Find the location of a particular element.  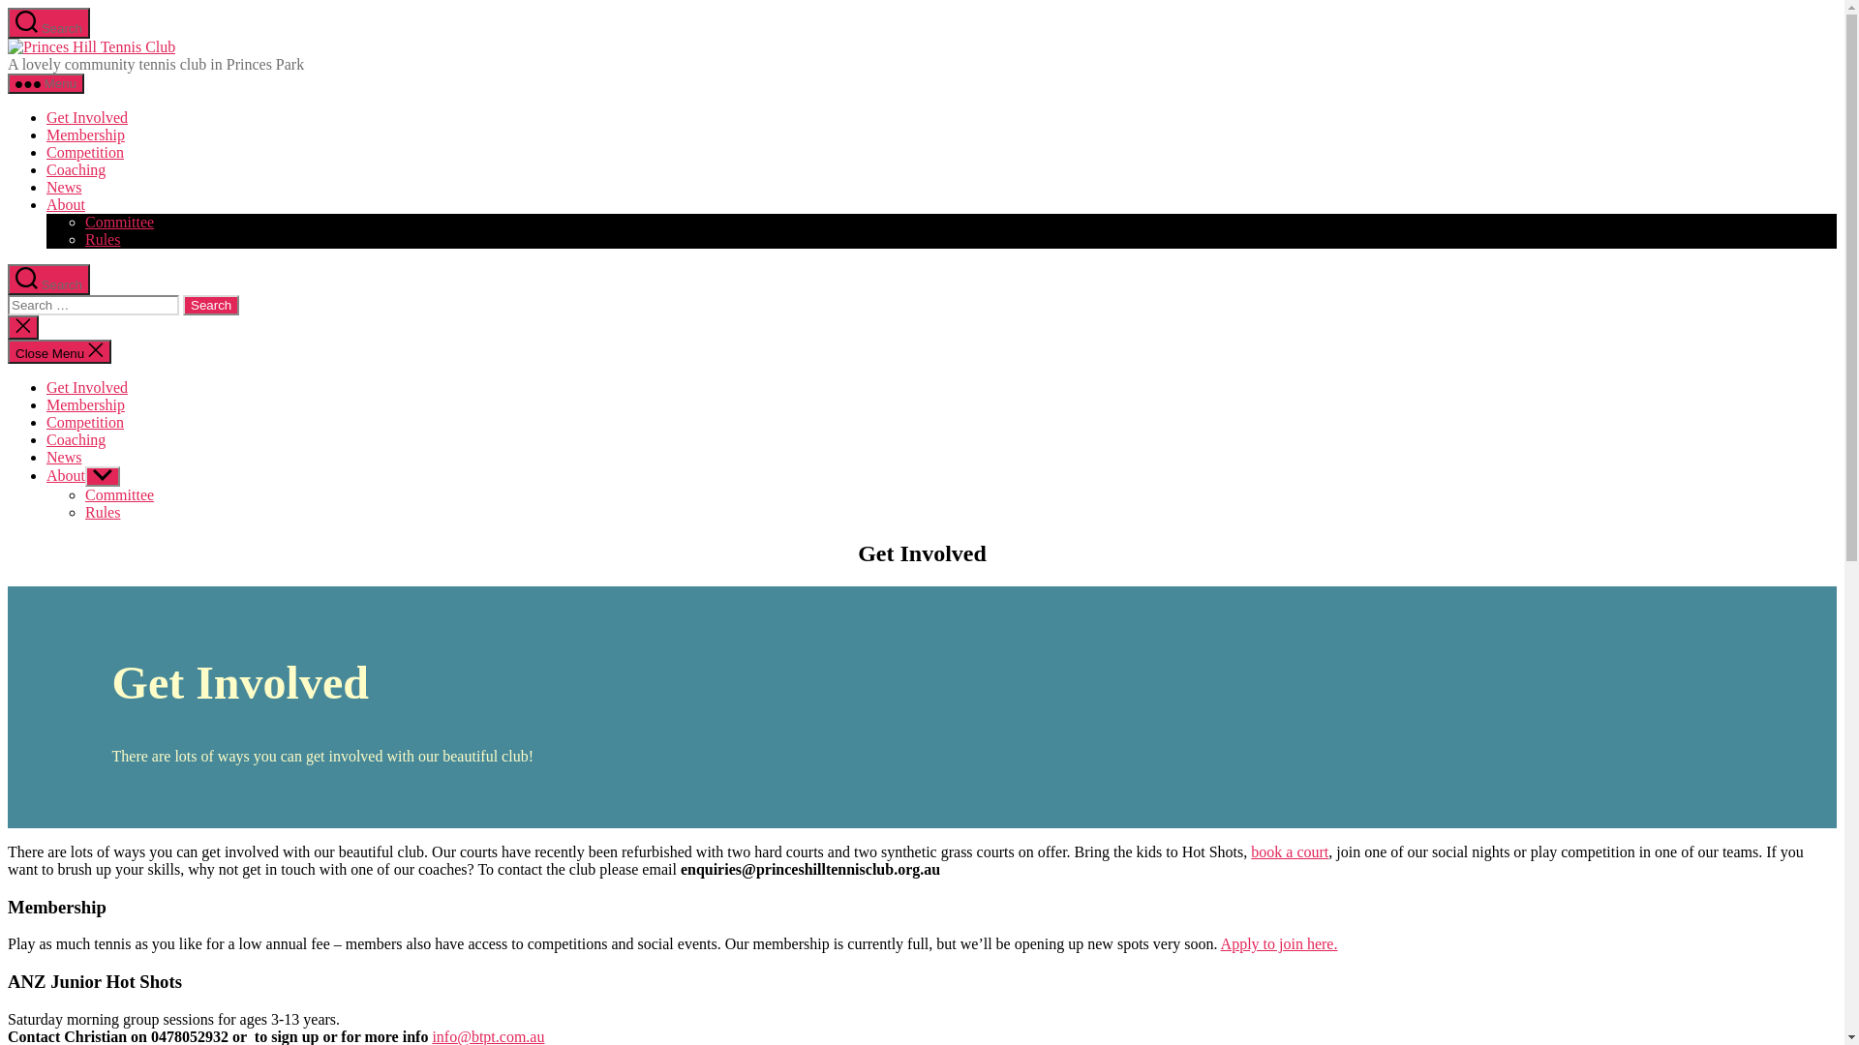

'Apply to join here.' is located at coordinates (1220, 942).